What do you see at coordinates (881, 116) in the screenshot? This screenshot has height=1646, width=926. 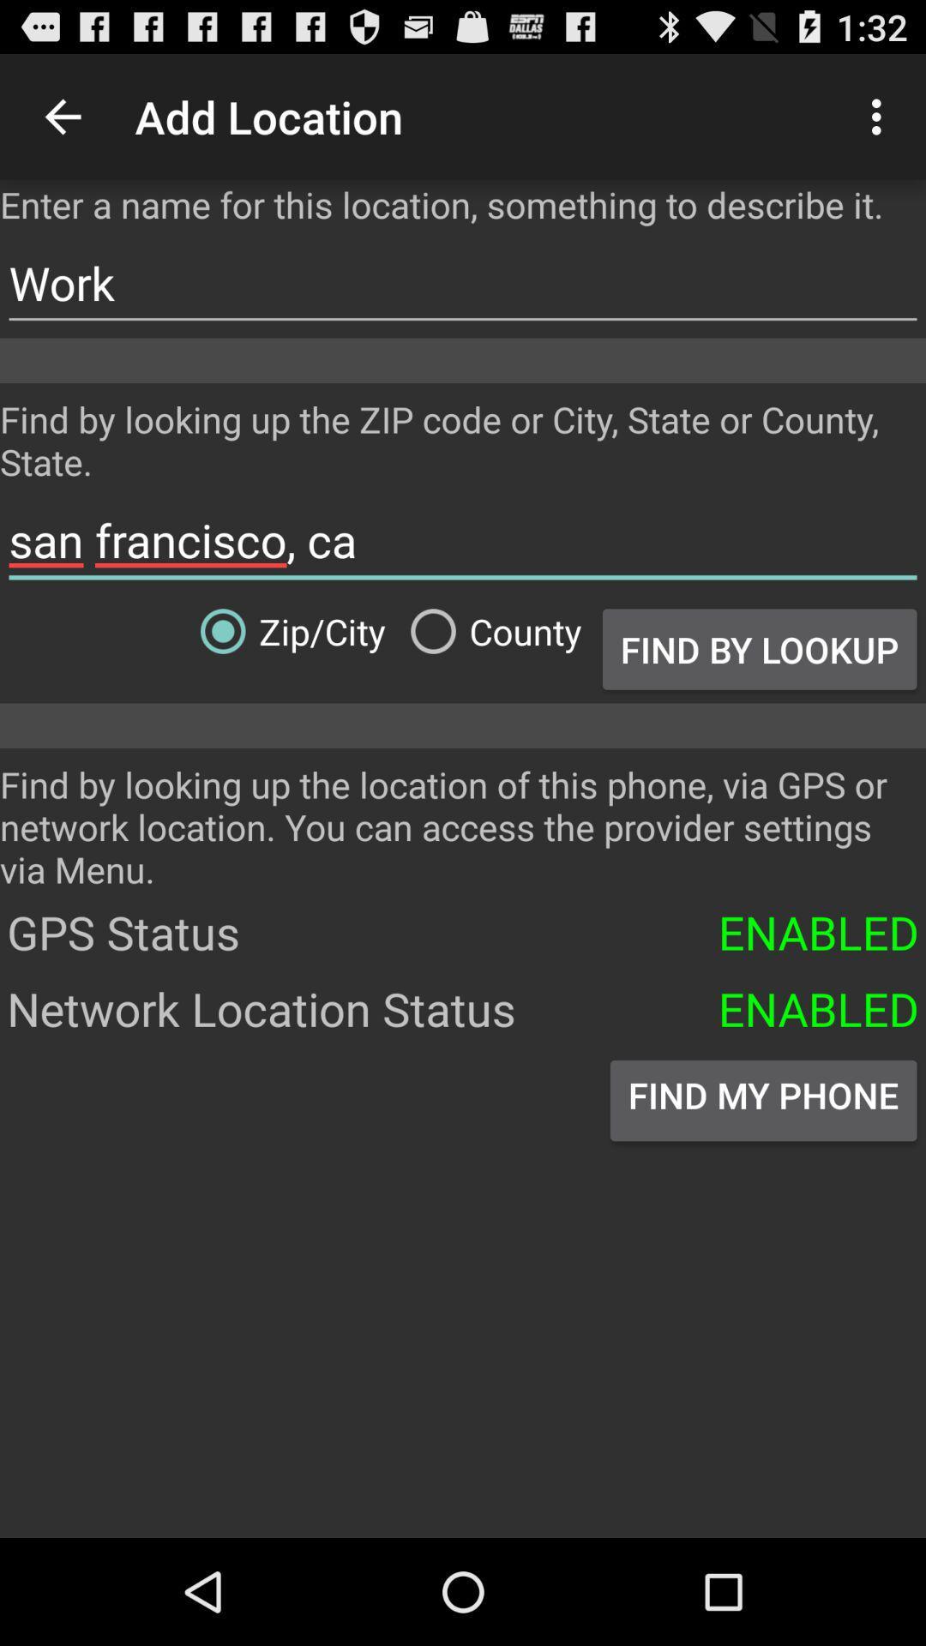 I see `item next to the add location app` at bounding box center [881, 116].